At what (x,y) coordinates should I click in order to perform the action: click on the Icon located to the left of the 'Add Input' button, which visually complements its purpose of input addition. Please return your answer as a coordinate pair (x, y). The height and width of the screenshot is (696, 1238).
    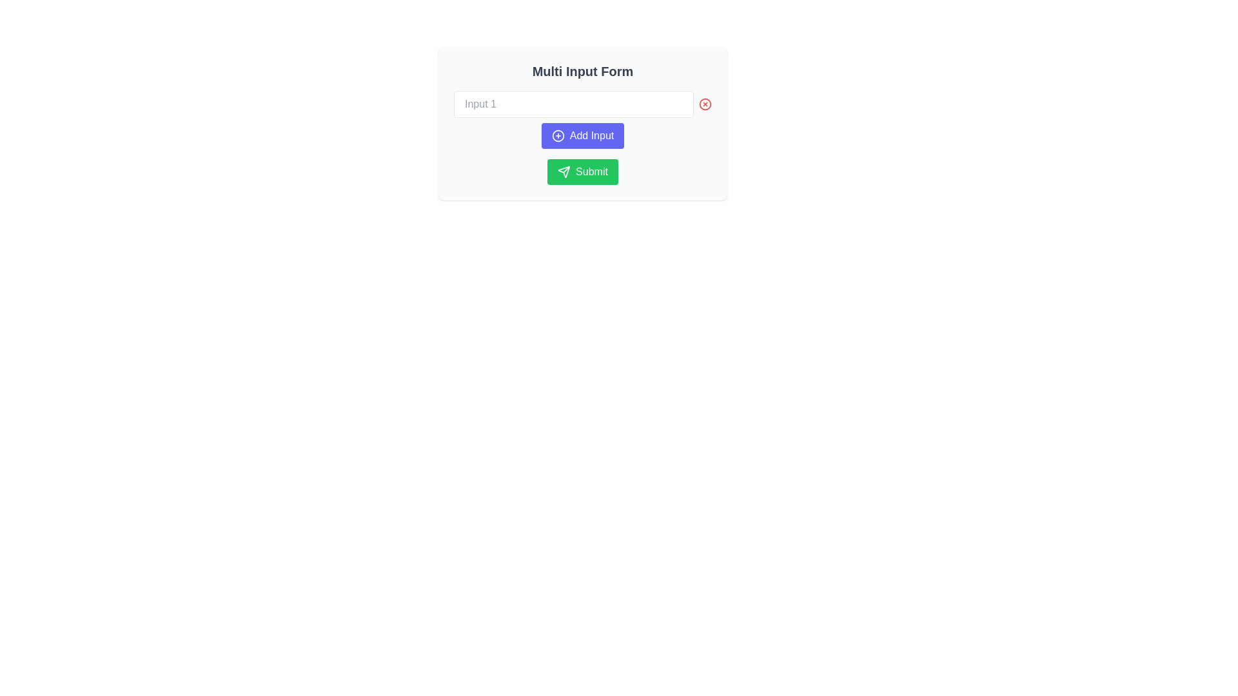
    Looking at the image, I should click on (558, 136).